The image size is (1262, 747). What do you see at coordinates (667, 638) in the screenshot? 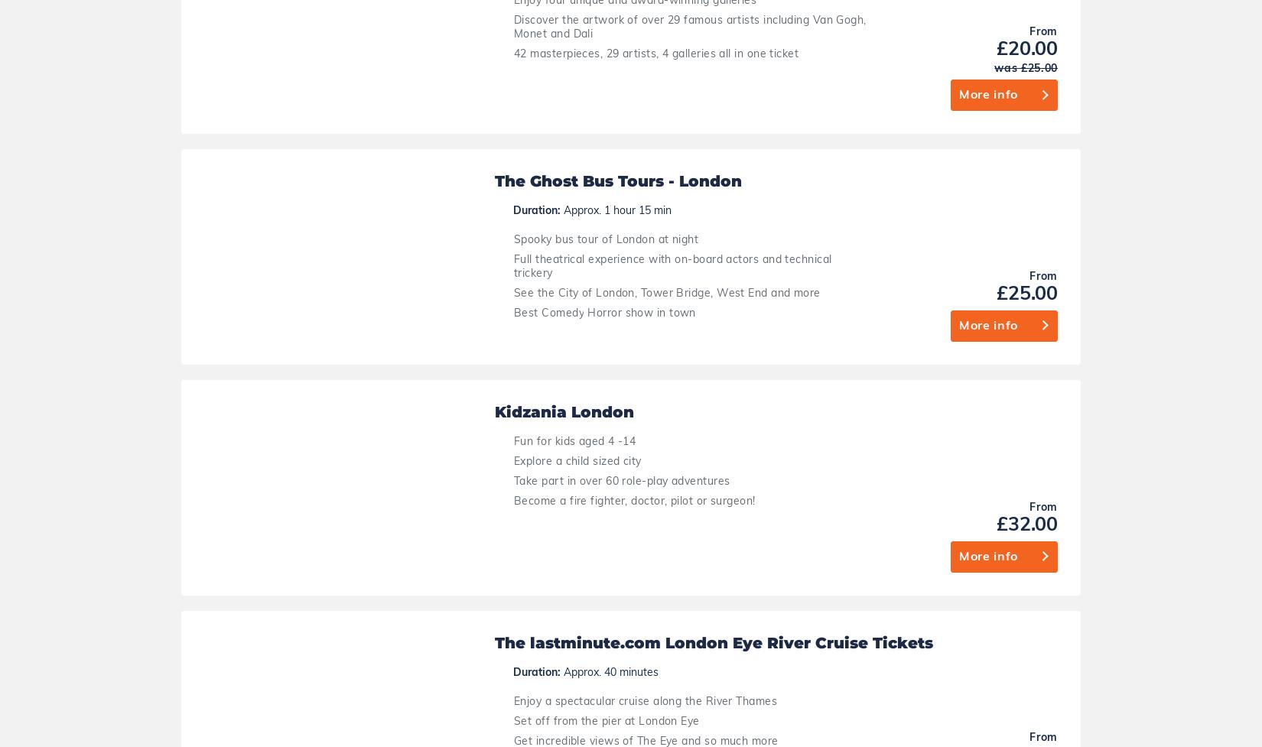
I see `'Posters, vehicles, footage, photography and so much more'` at bounding box center [667, 638].